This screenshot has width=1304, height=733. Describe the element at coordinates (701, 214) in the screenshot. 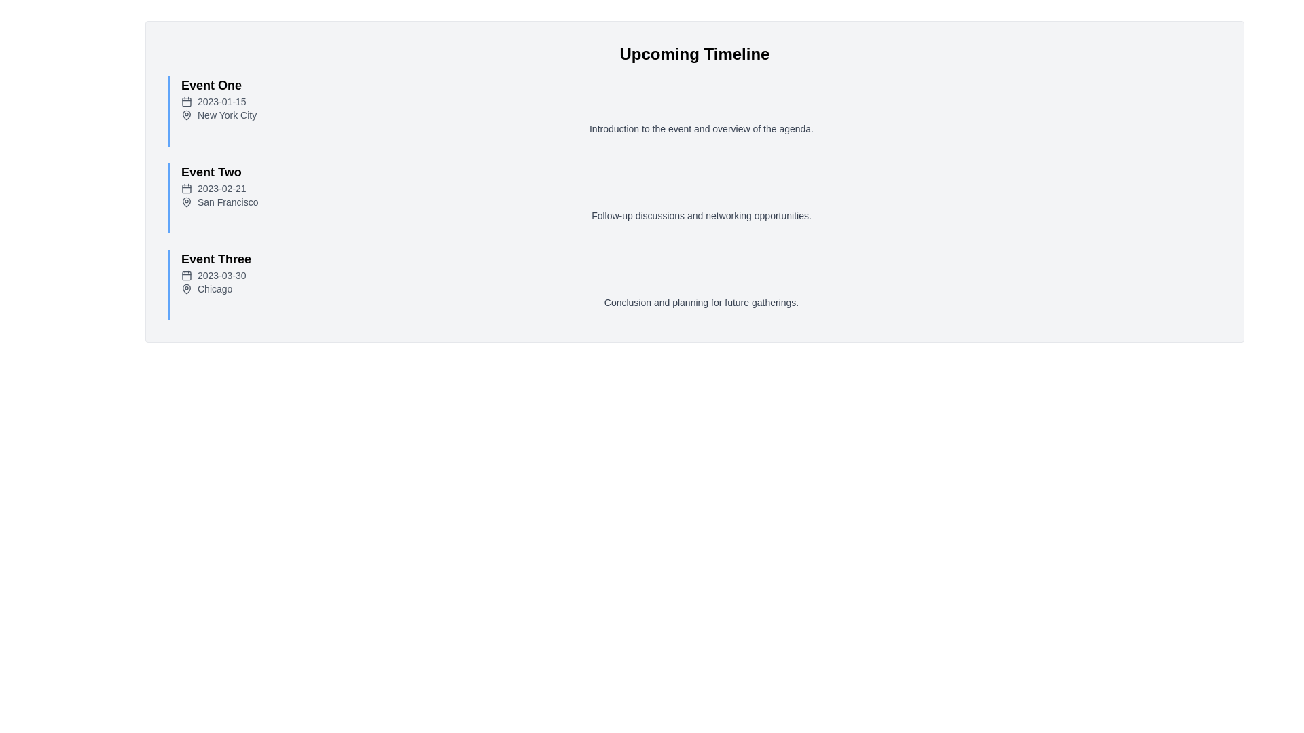

I see `the static text that says 'Follow-up discussions and networking opportunities.' located at the bottom of the 'Event Two' block` at that location.